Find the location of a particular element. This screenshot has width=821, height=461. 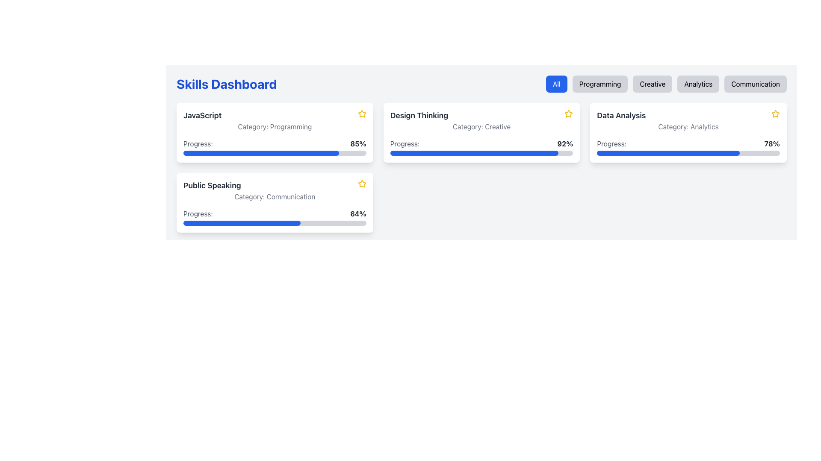

the progress bar indicating 'Progress: 92%' within the 'Design Thinking' card is located at coordinates (474, 152).